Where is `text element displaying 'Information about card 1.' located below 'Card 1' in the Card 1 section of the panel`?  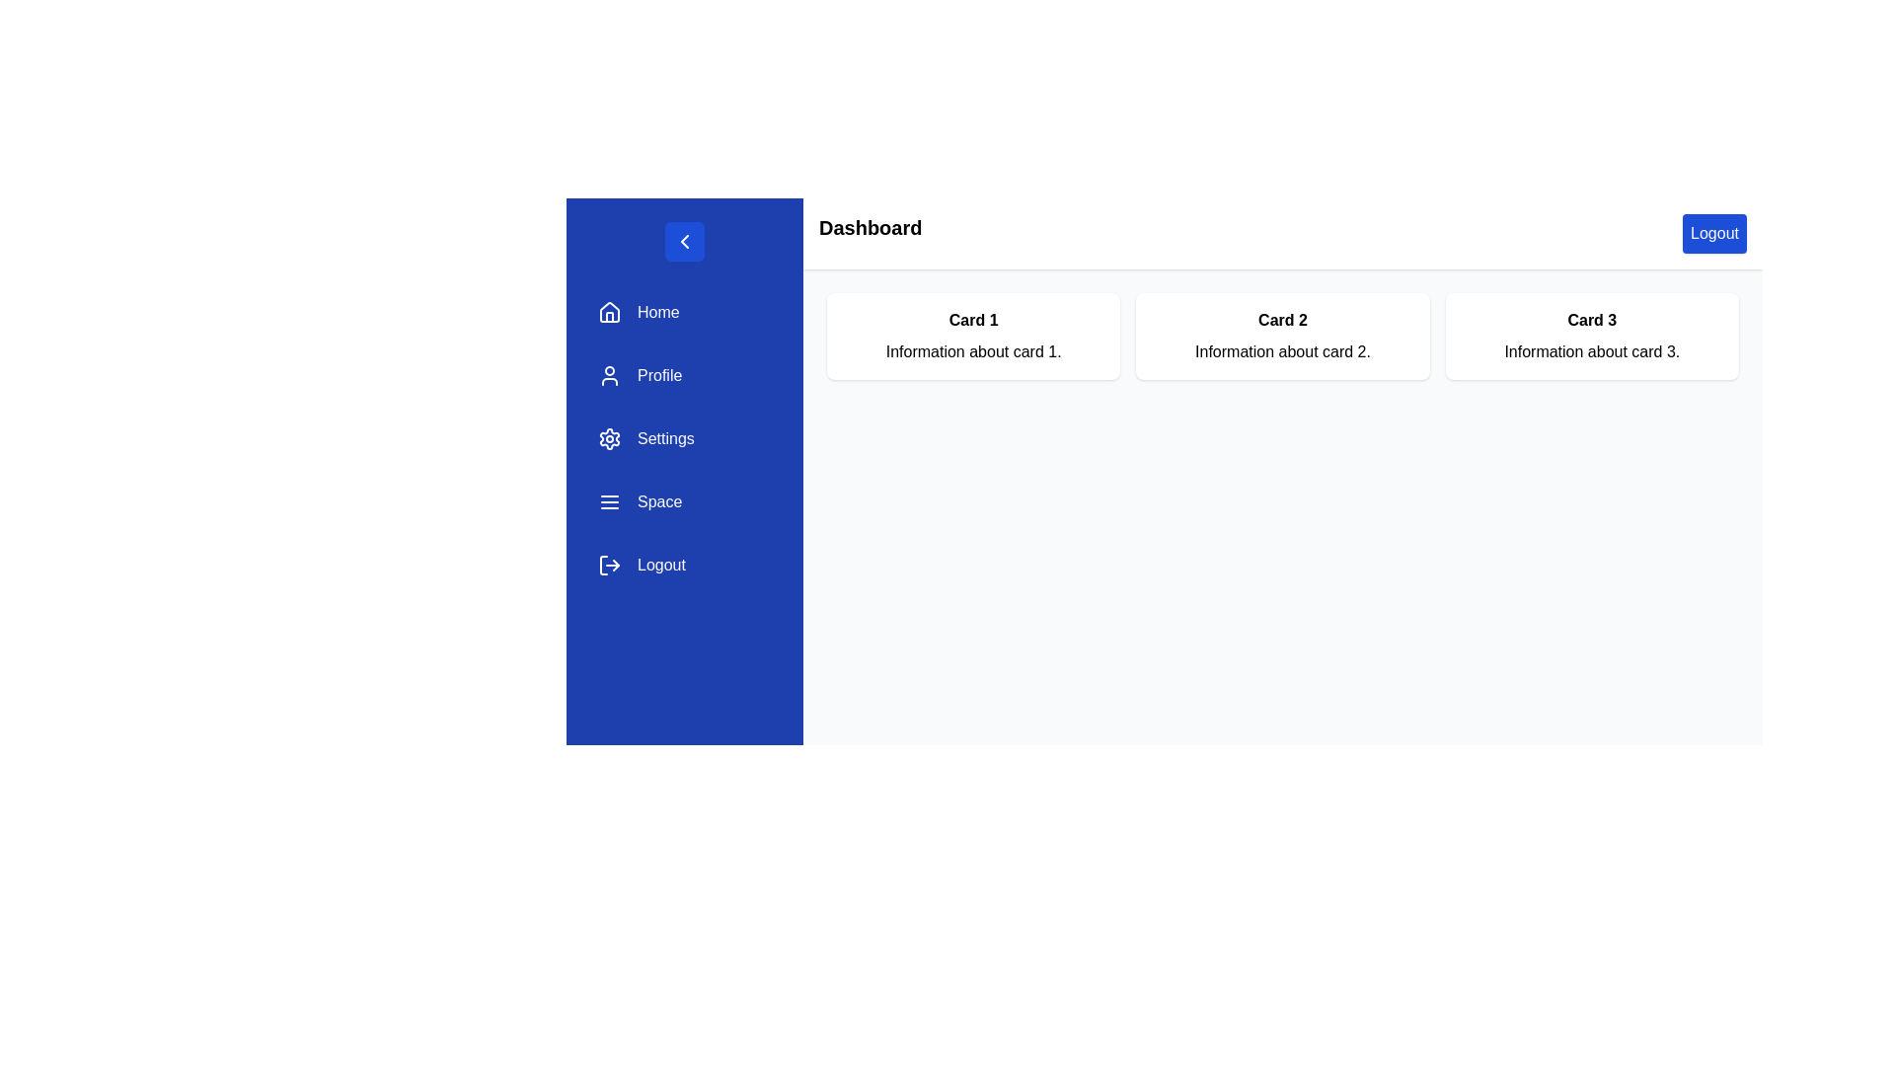
text element displaying 'Information about card 1.' located below 'Card 1' in the Card 1 section of the panel is located at coordinates (973, 351).